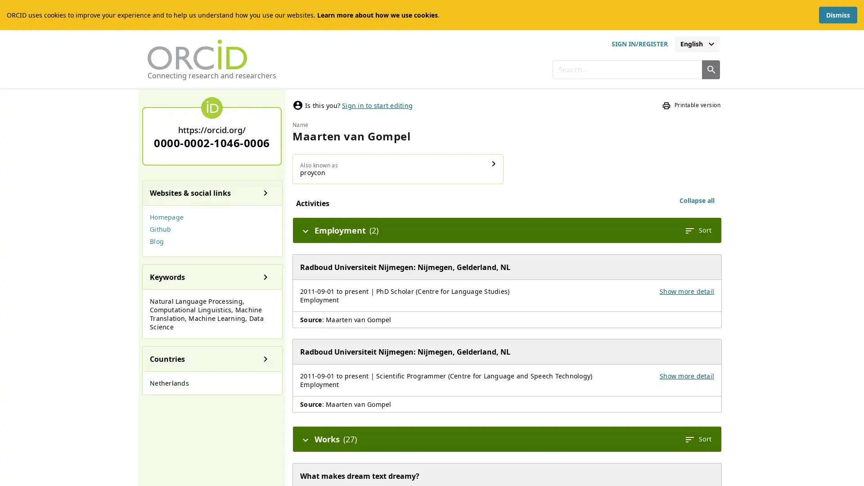 Image resolution: width=864 pixels, height=486 pixels. I want to click on Show details, so click(265, 358).